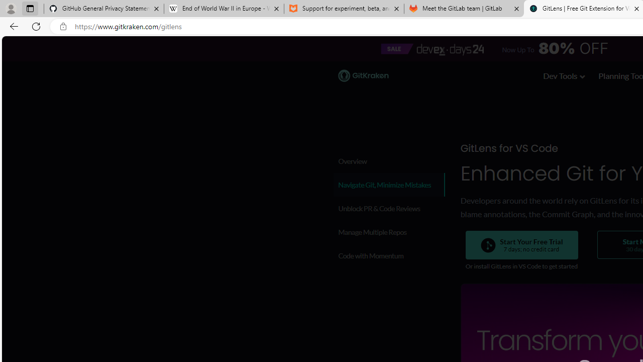 This screenshot has height=362, width=643. What do you see at coordinates (388, 255) in the screenshot?
I see `'Code with Momentum'` at bounding box center [388, 255].